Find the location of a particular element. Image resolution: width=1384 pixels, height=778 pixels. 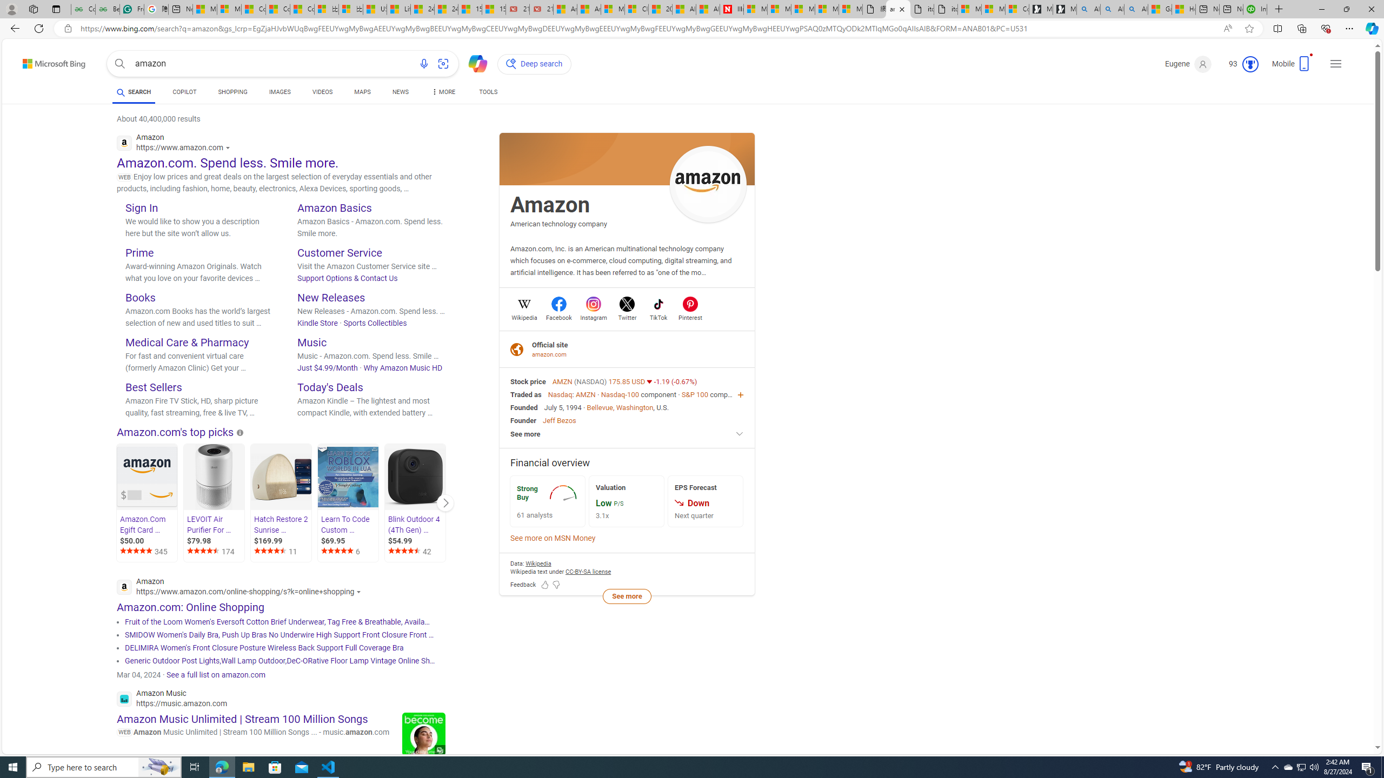

'Stock price' is located at coordinates (528, 381).